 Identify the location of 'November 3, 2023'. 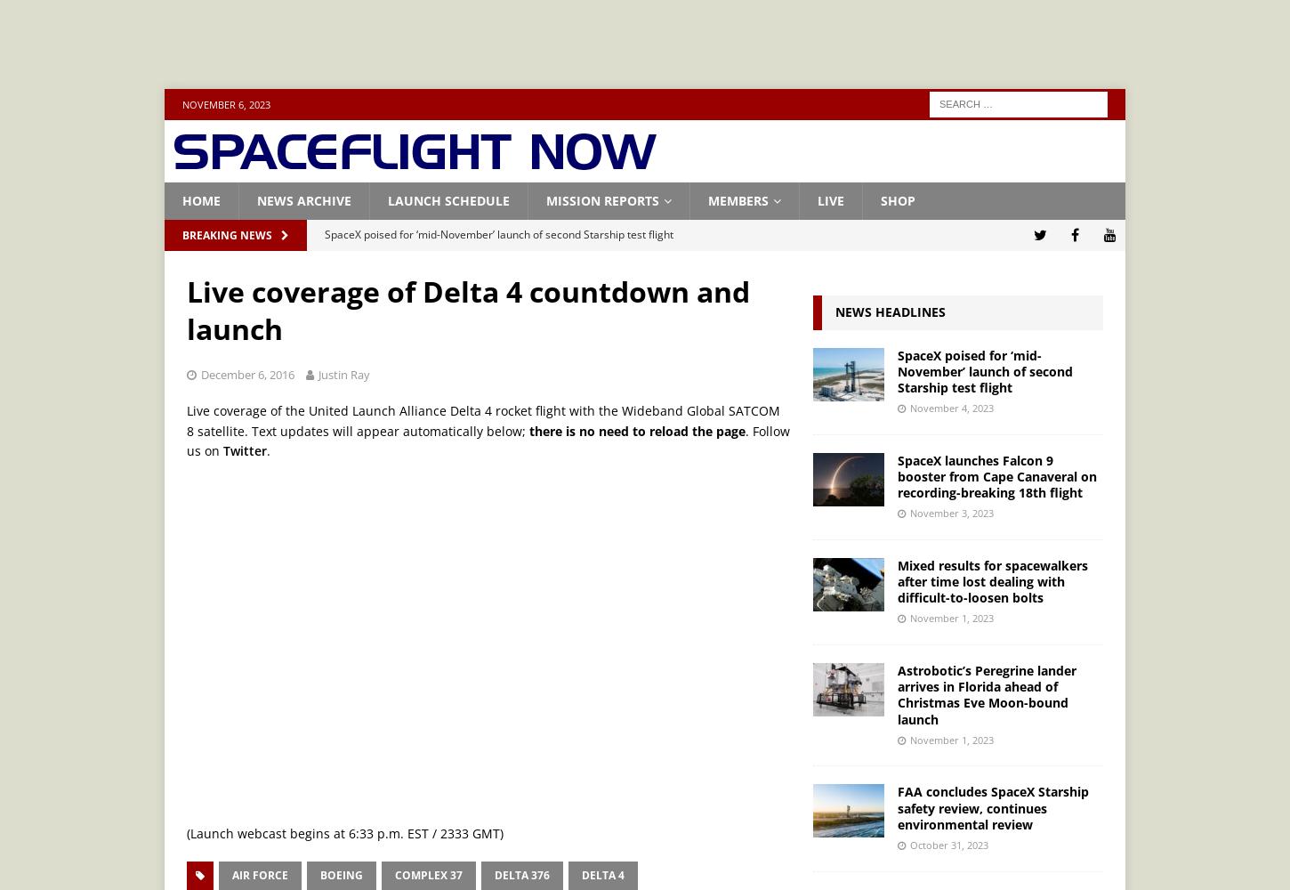
(950, 512).